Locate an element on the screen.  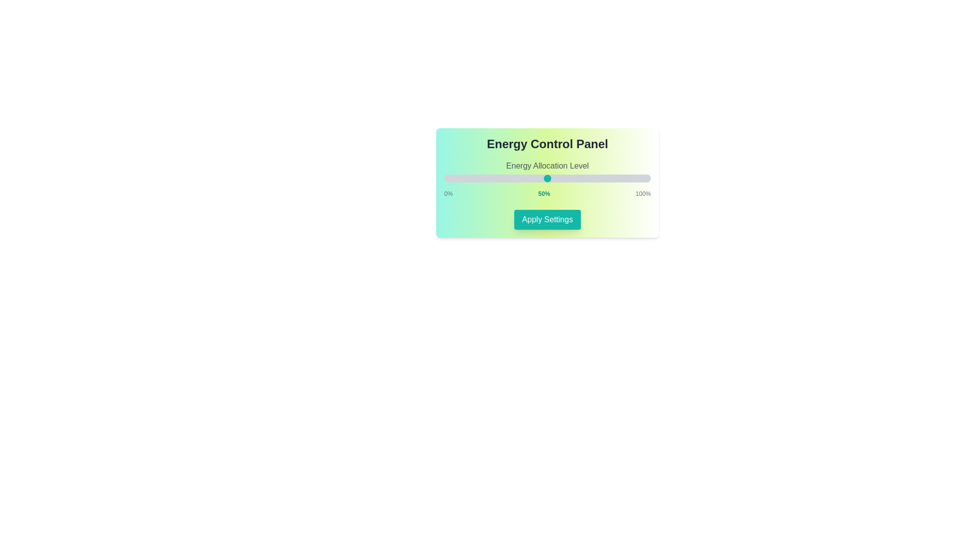
the energy level to 93% by moving the slider is located at coordinates (636, 178).